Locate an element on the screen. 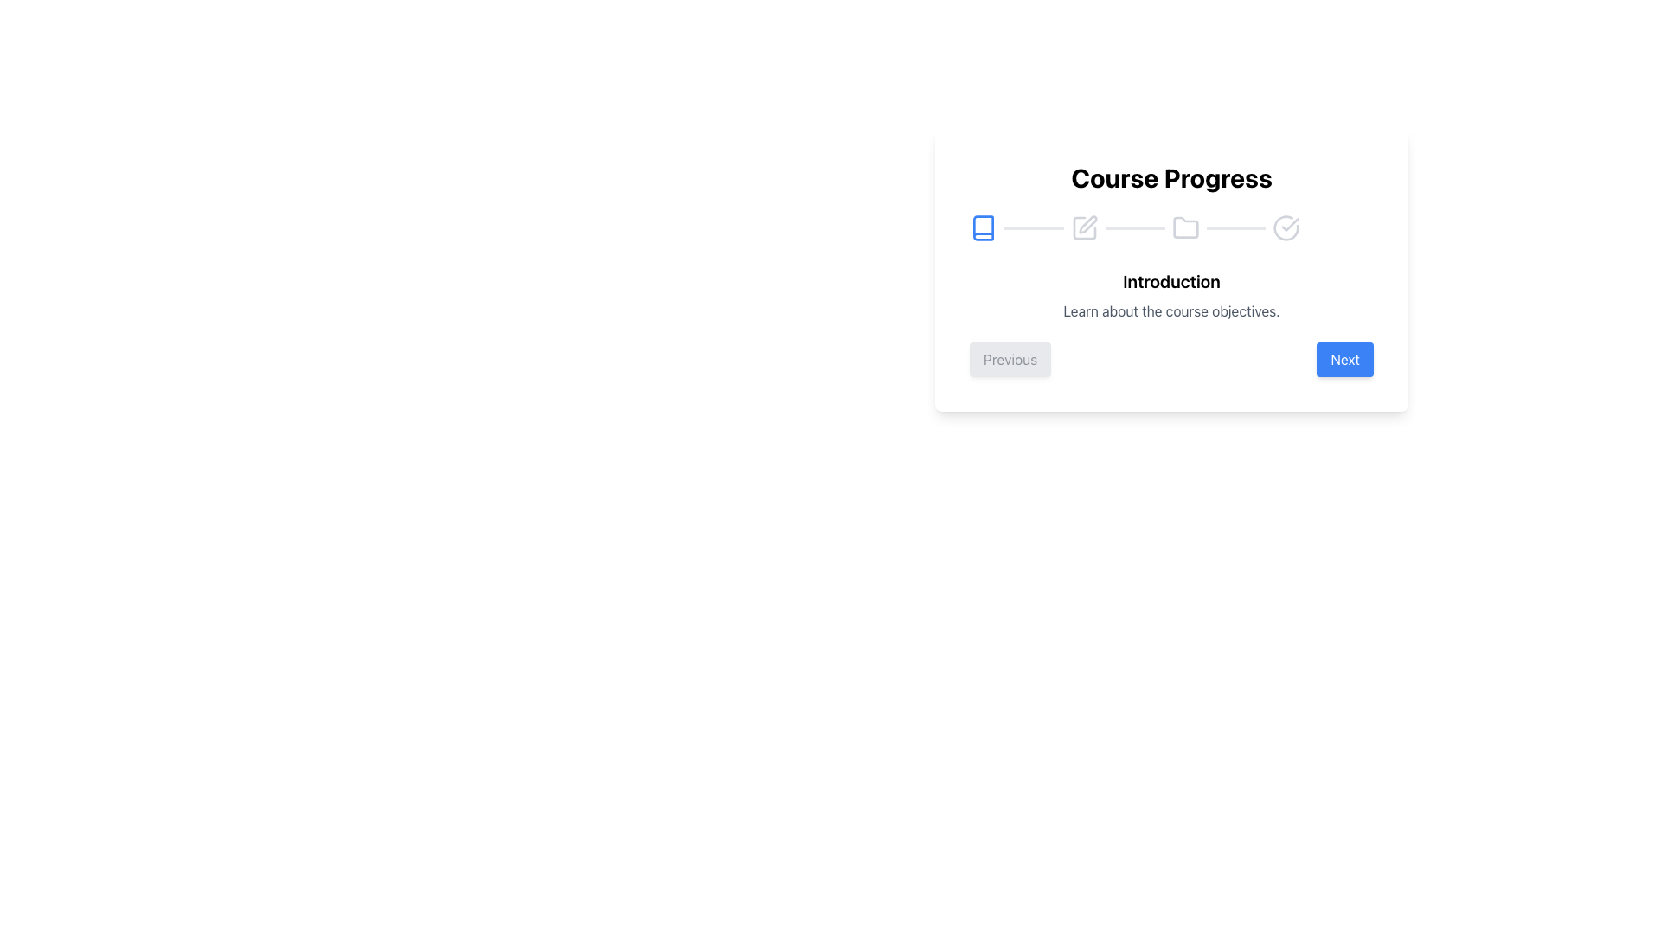 The image size is (1661, 934). the gray square icon with a pen overlay is located at coordinates (1083, 227).